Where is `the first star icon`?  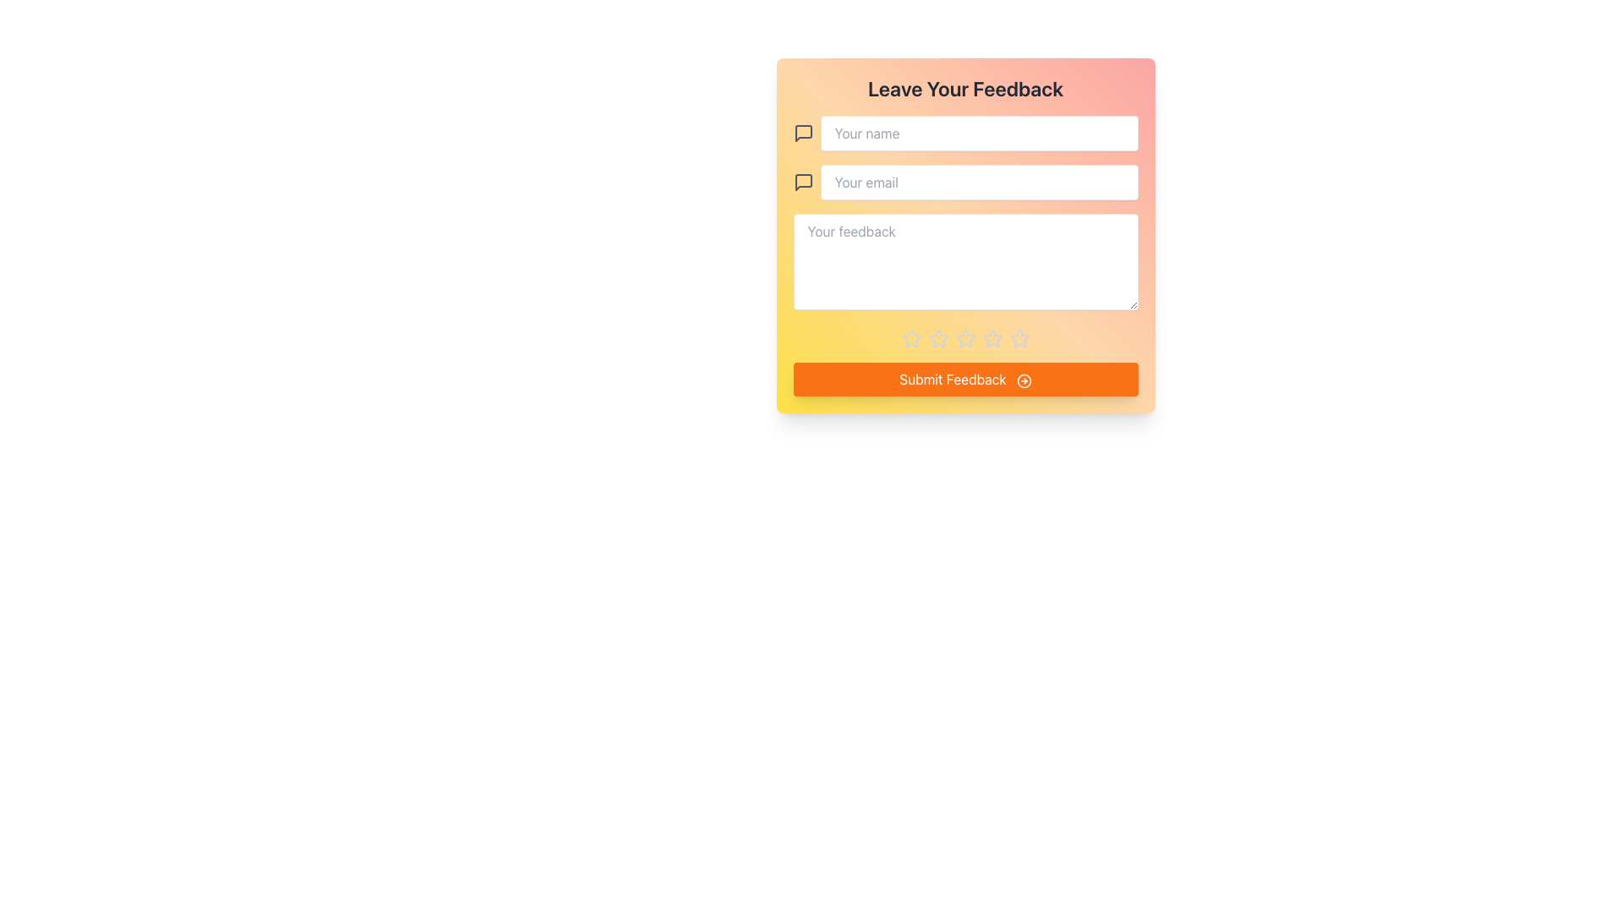
the first star icon is located at coordinates (937, 338).